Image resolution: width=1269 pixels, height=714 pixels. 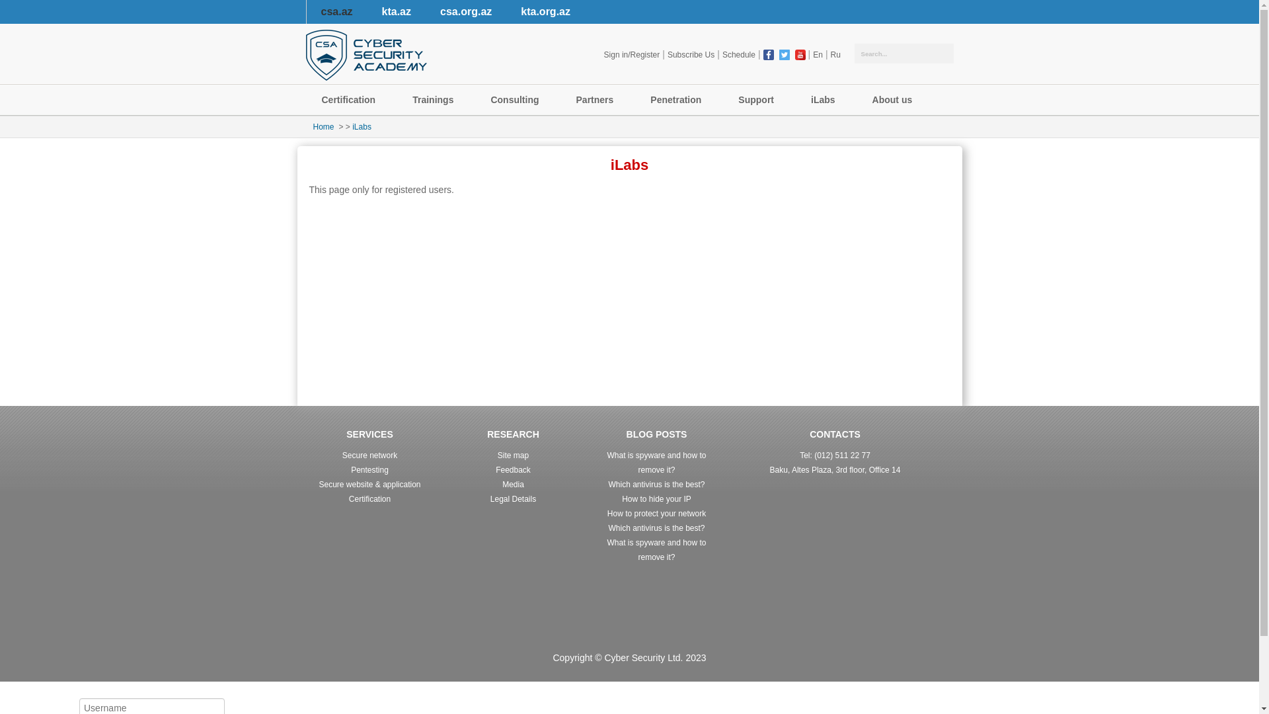 I want to click on 'Secure network', so click(x=369, y=455).